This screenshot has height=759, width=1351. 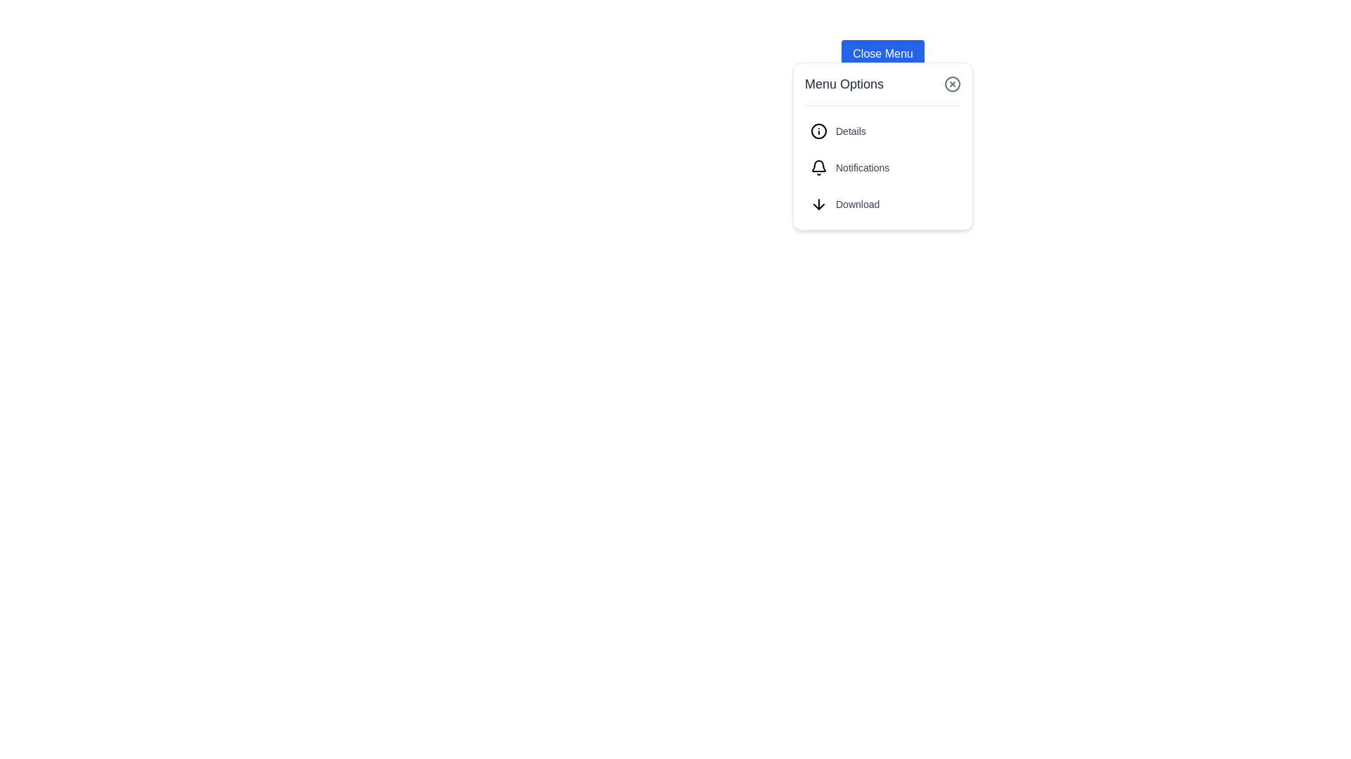 I want to click on the 'Download' text label, which is displayed in a small gray font below a downward arrow icon in the Menu Options section, so click(x=857, y=204).